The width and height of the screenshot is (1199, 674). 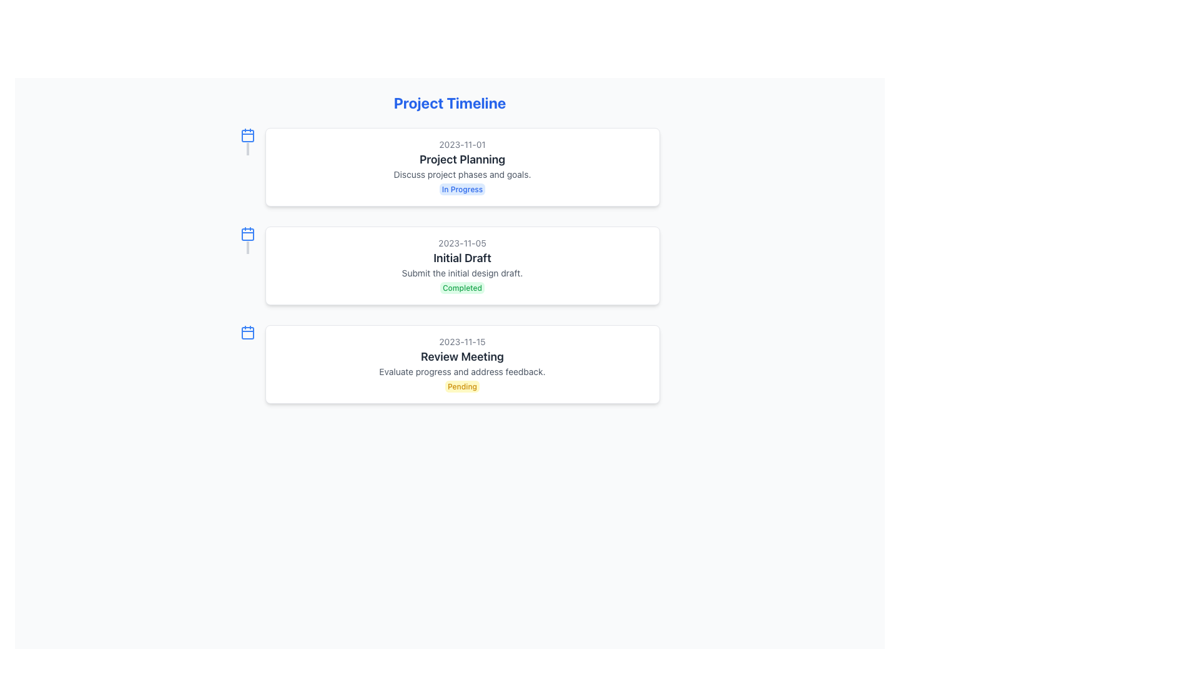 What do you see at coordinates (461, 364) in the screenshot?
I see `the Informational Card displaying the date '2023-11-15' and the title 'Review Meeting', which is the third card in the vertical list of project timeline entries` at bounding box center [461, 364].